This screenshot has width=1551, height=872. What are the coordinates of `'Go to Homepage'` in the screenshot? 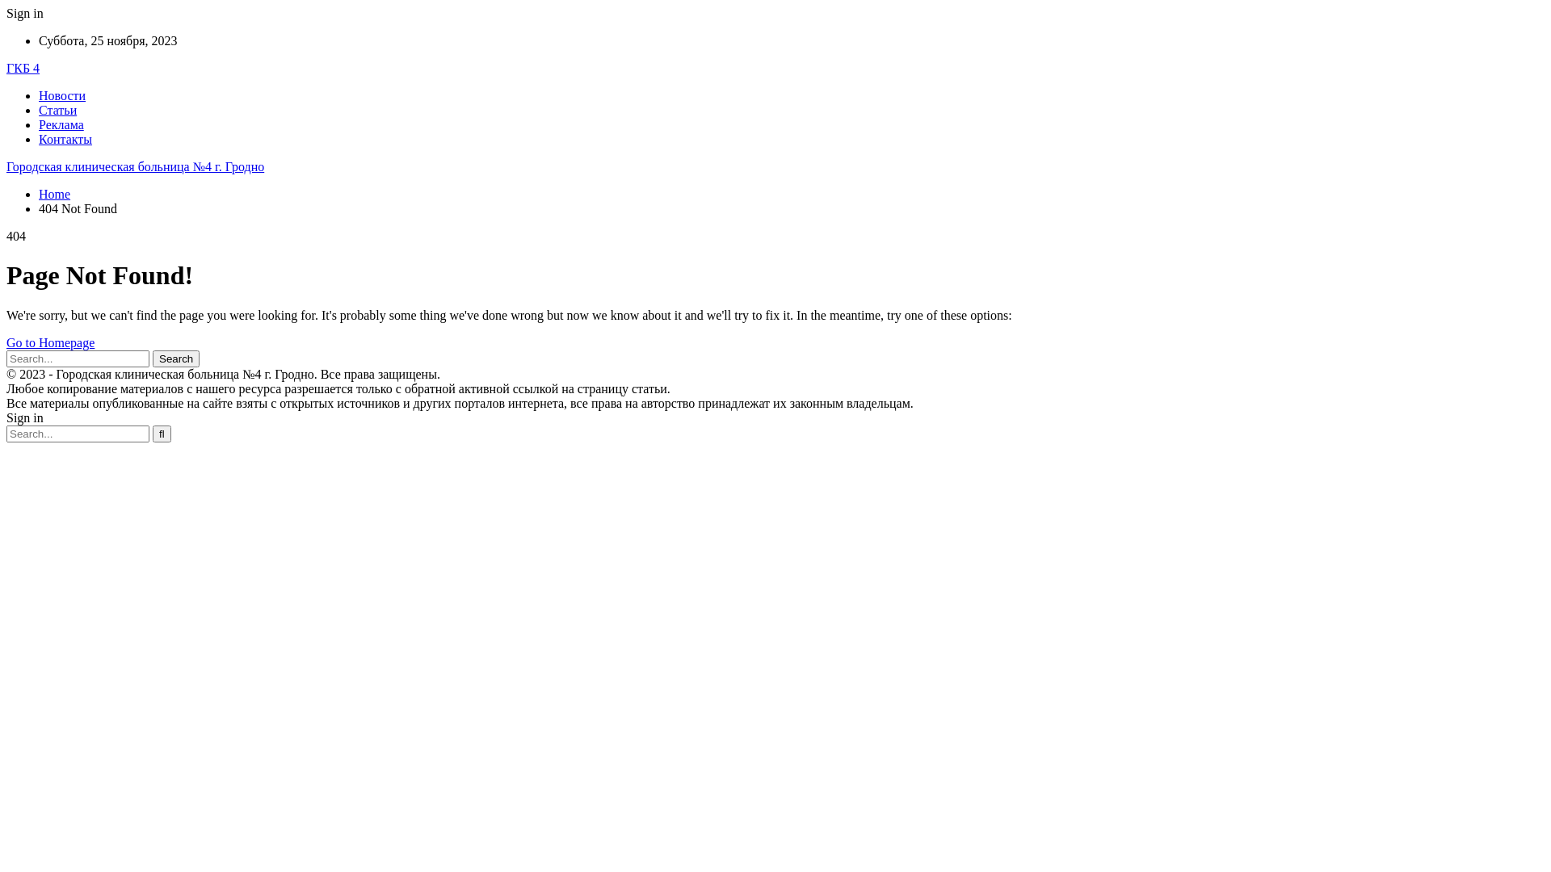 It's located at (50, 342).